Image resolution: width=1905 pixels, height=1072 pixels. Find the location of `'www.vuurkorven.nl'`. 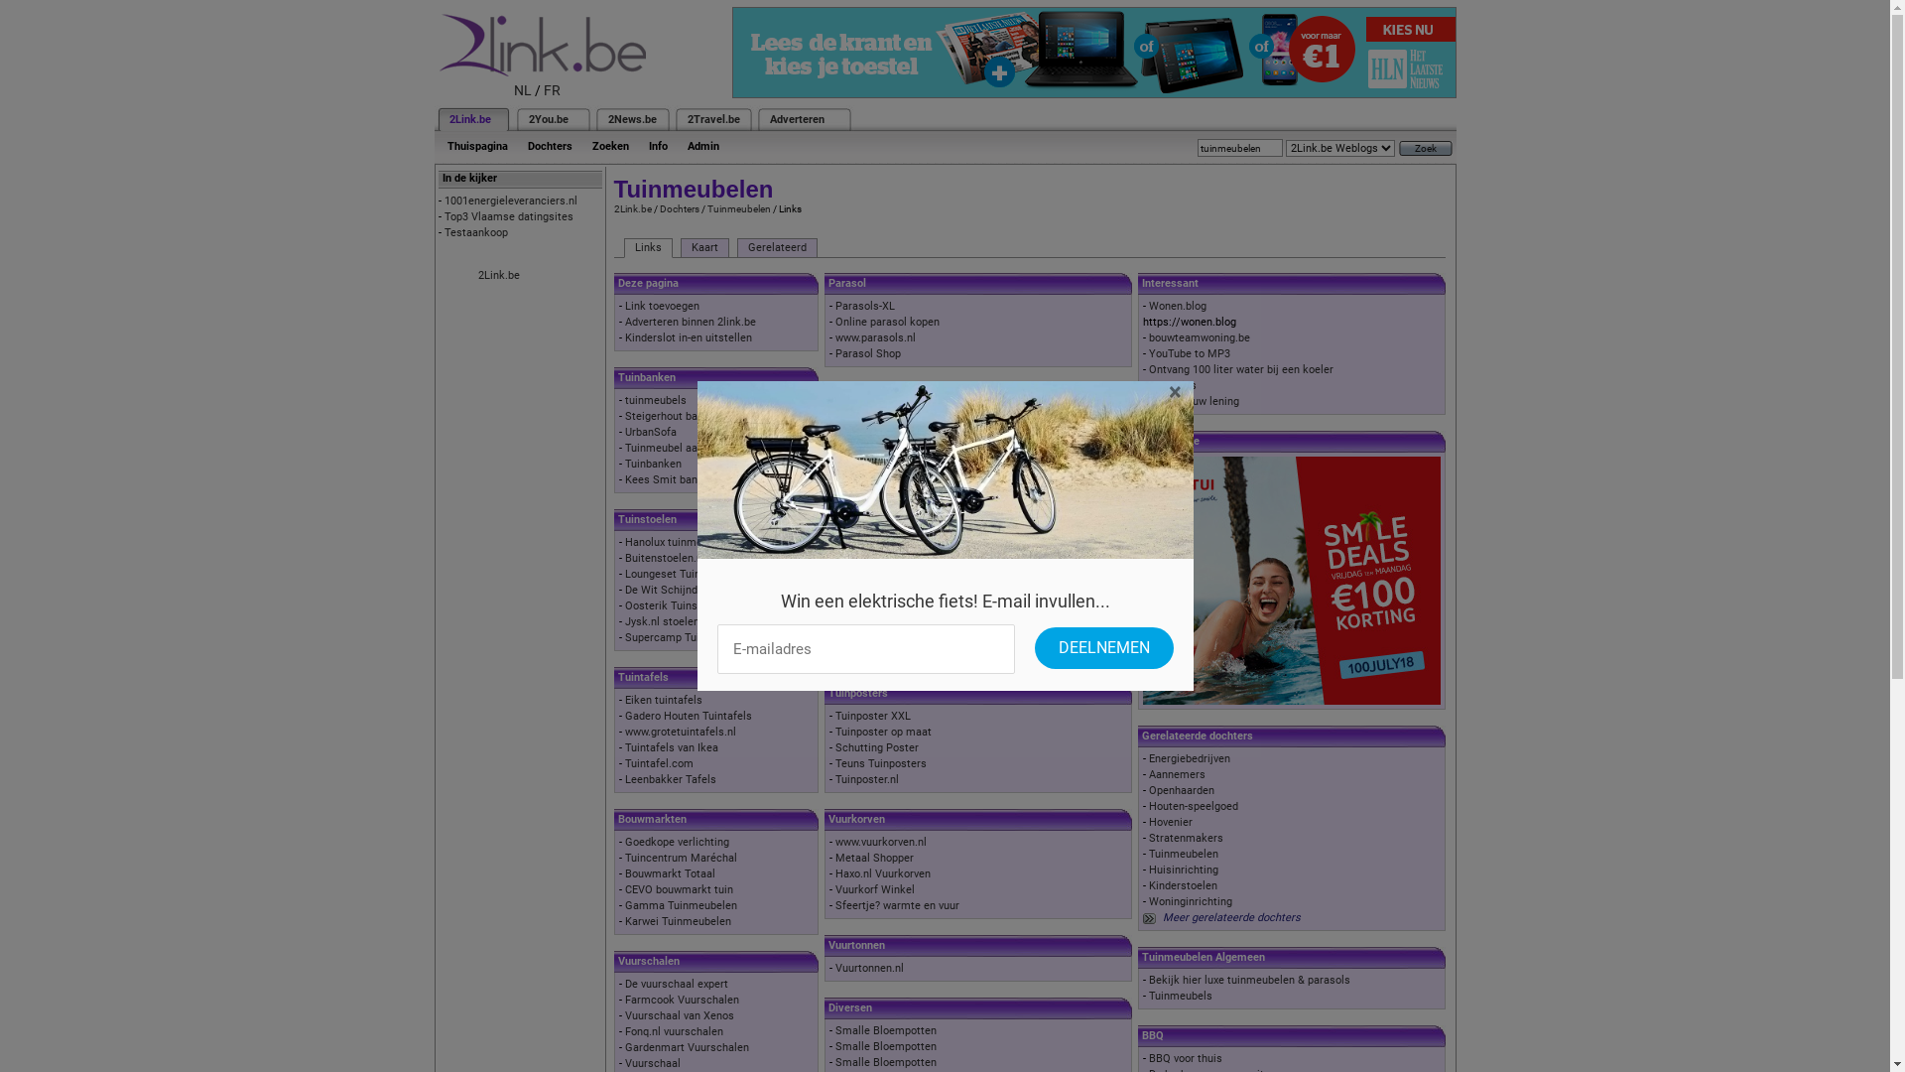

'www.vuurkorven.nl' is located at coordinates (880, 842).